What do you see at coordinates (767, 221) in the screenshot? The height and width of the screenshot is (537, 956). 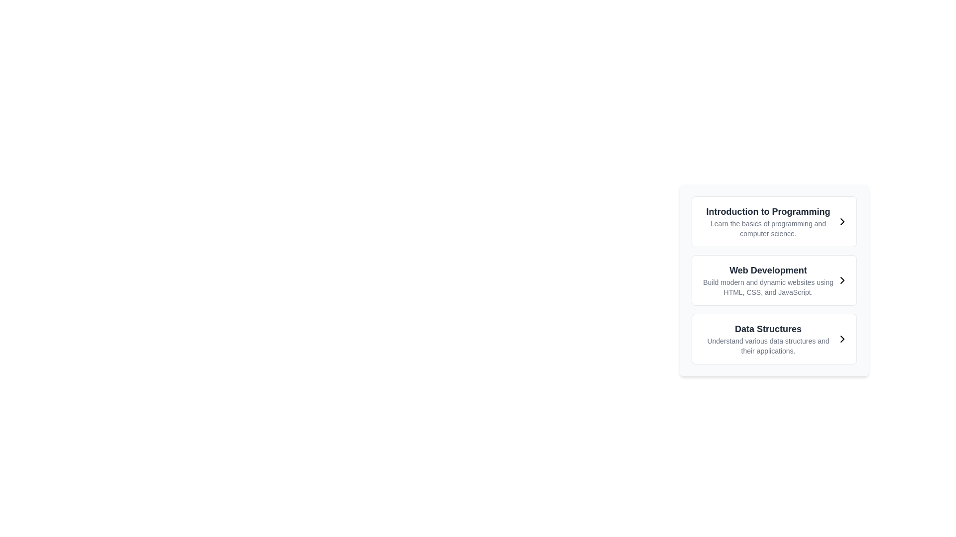 I see `the textual information block that provides concise information about a programming course for navigation` at bounding box center [767, 221].